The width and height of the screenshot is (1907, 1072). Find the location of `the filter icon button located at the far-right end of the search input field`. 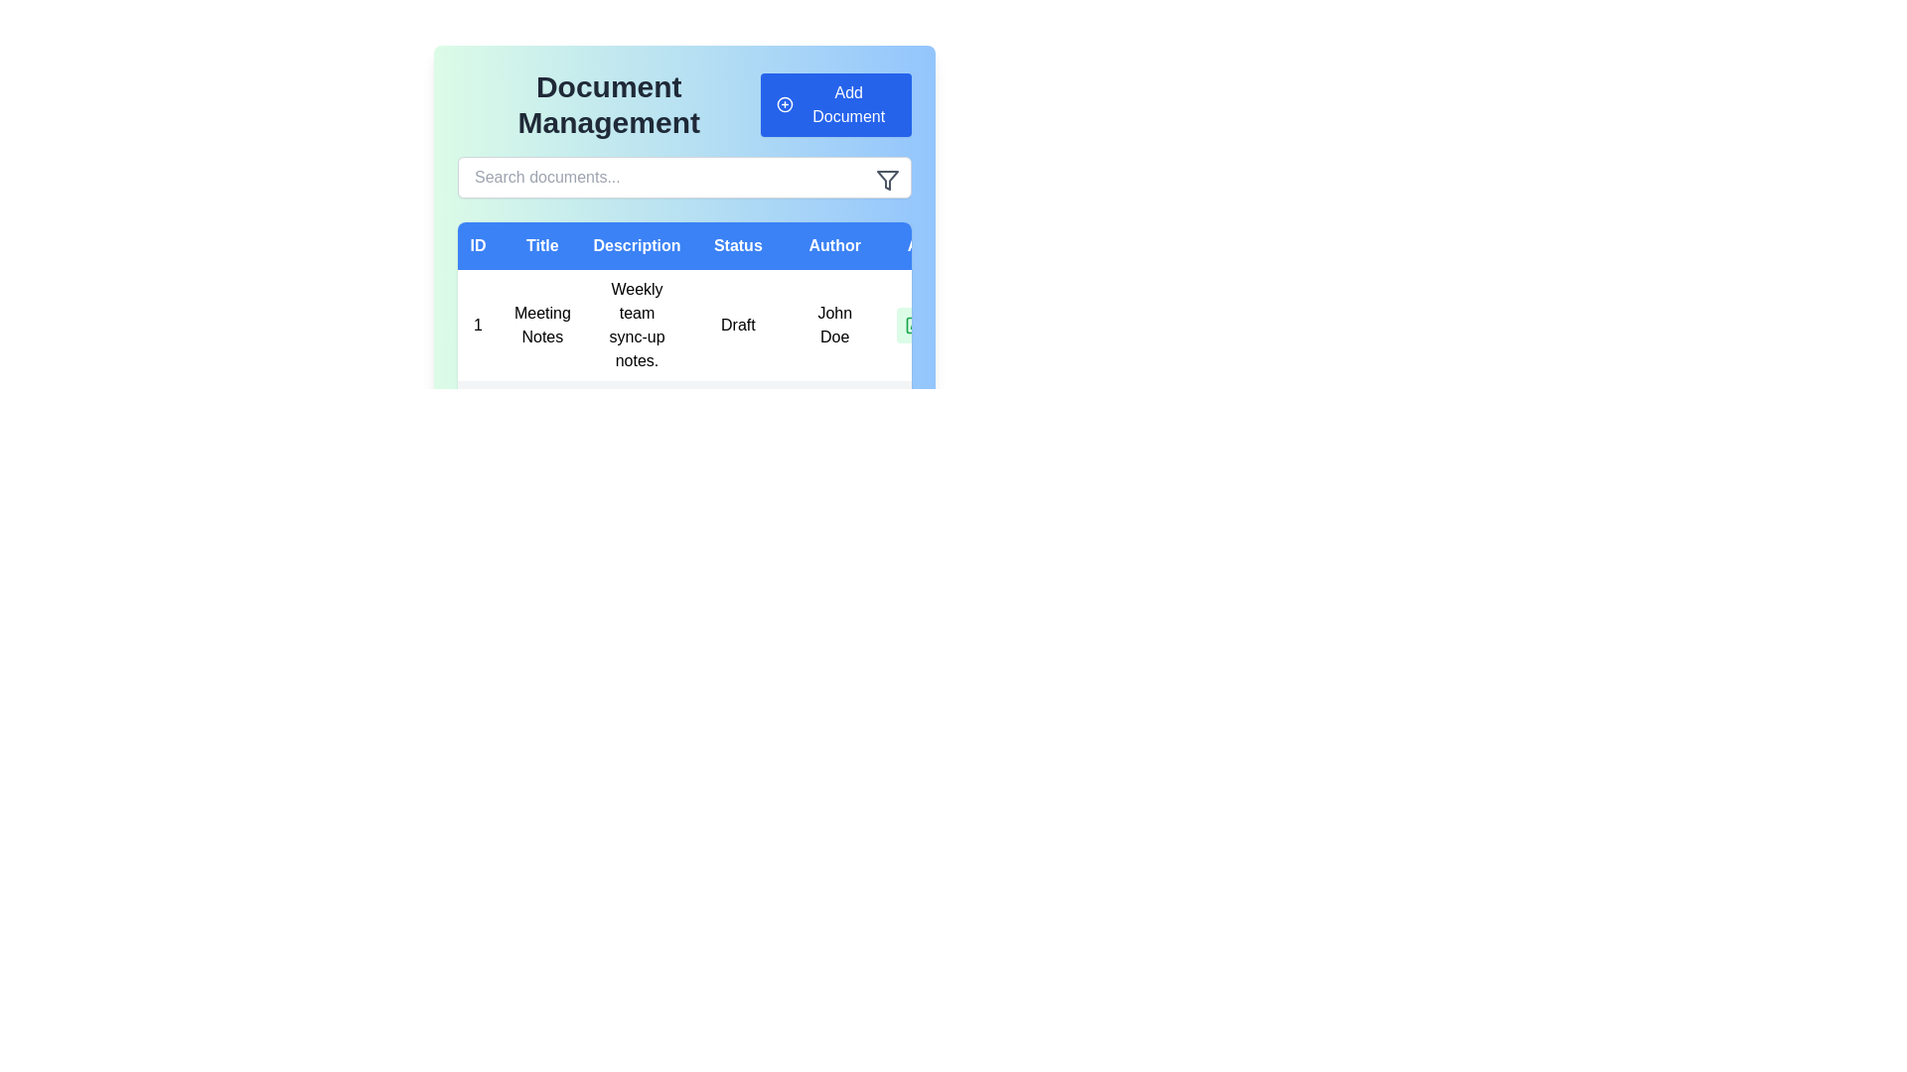

the filter icon button located at the far-right end of the search input field is located at coordinates (886, 180).